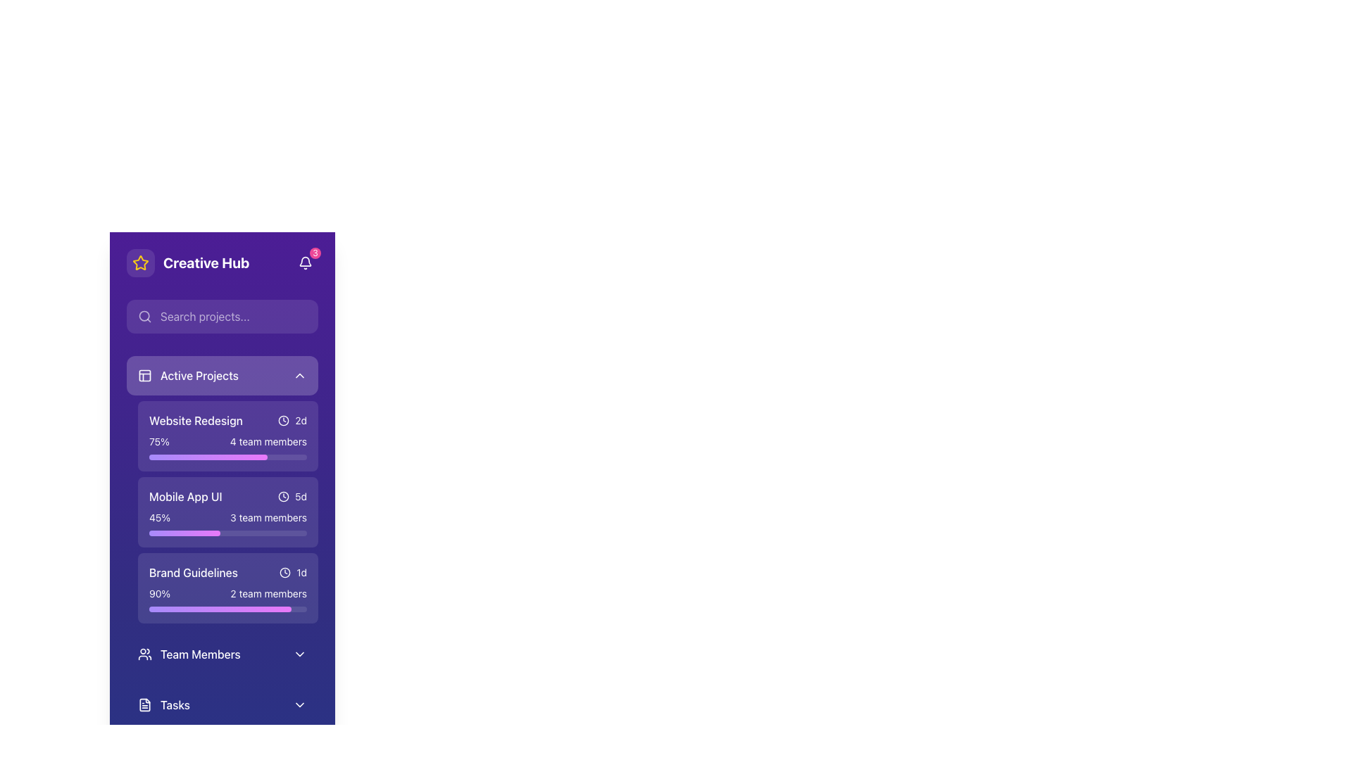 The height and width of the screenshot is (760, 1352). Describe the element at coordinates (228, 524) in the screenshot. I see `the progress bar located at the bottom of the 'Mobile App UI' card in the 'Active Projects' section, which shows a 45% fill and includes text for percentage and team members` at that location.